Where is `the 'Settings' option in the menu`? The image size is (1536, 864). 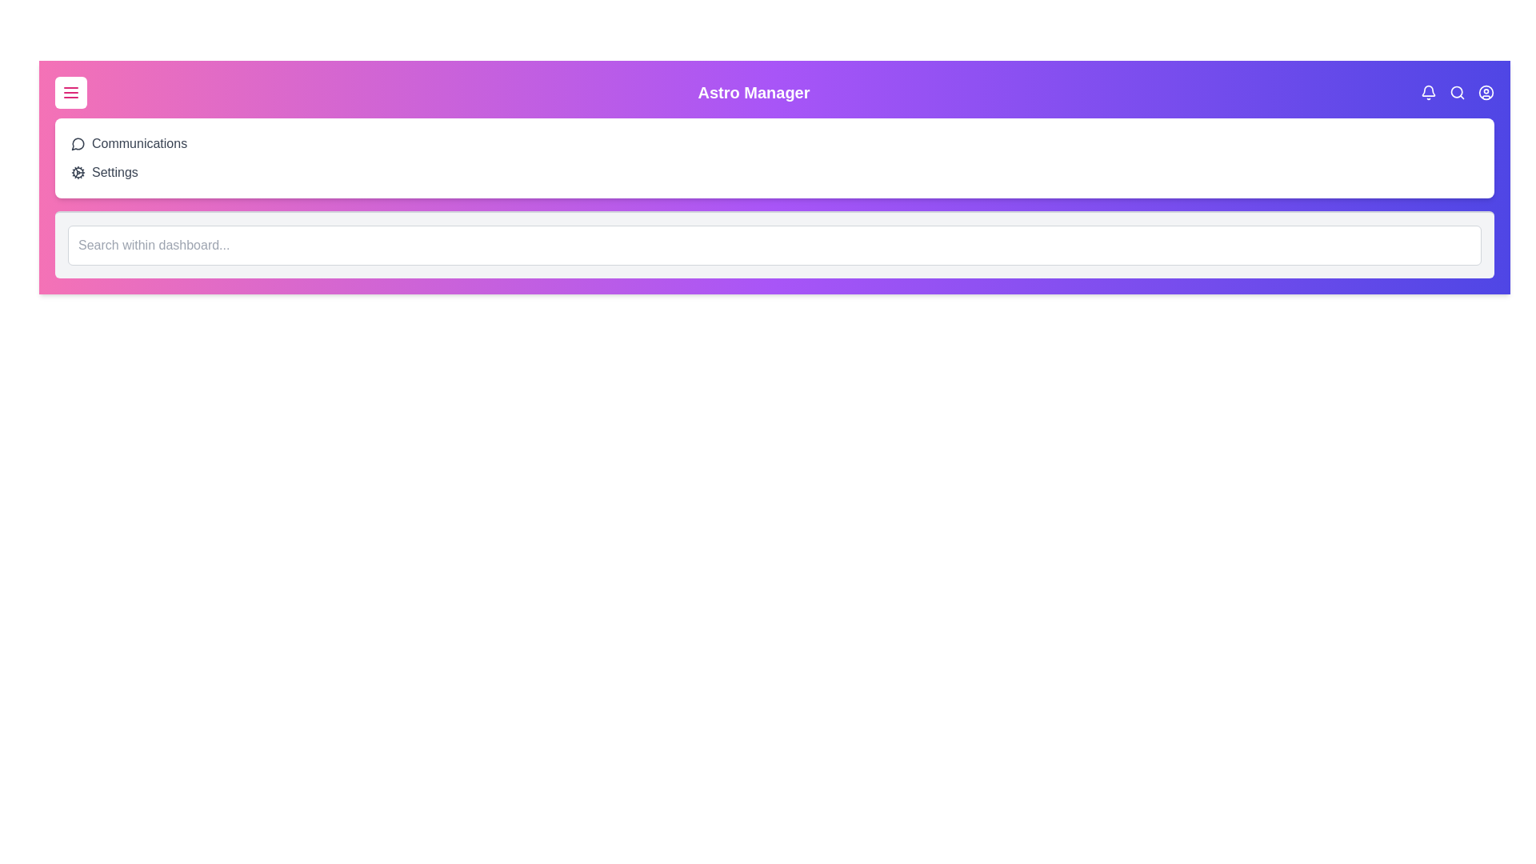 the 'Settings' option in the menu is located at coordinates (114, 173).